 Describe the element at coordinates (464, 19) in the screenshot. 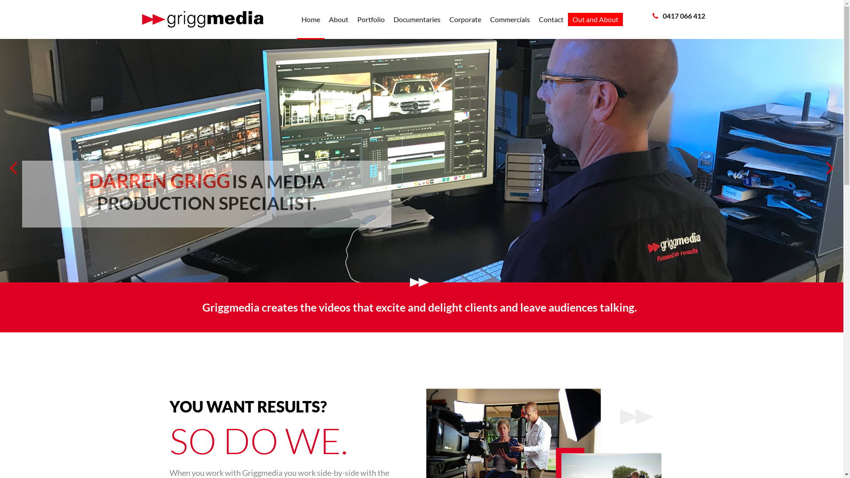

I see `'Corporate'` at that location.